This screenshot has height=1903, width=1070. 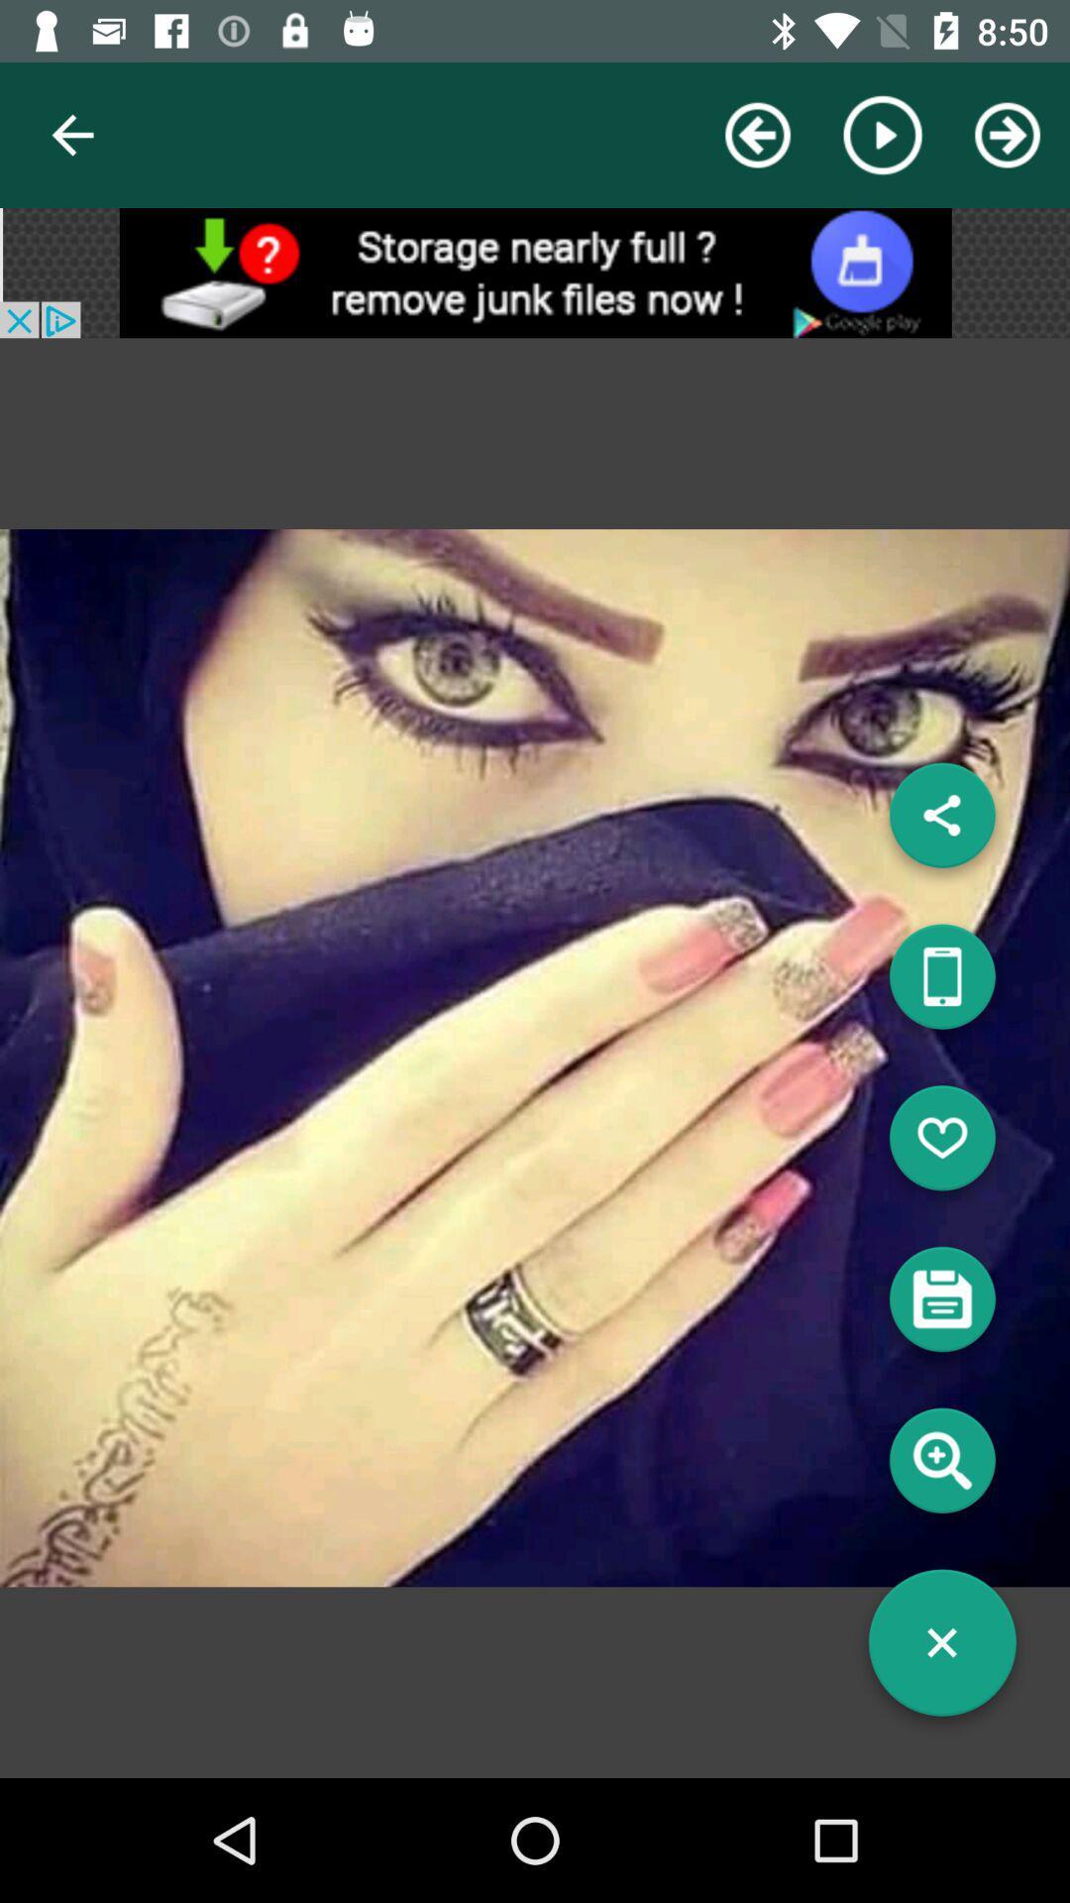 What do you see at coordinates (941, 1306) in the screenshot?
I see `inbox` at bounding box center [941, 1306].